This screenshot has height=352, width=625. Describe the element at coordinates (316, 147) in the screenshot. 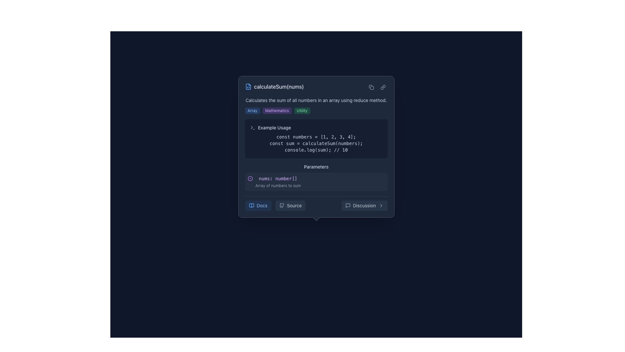

I see `the information modal that displays function details, including usage, parameters, and resources` at that location.